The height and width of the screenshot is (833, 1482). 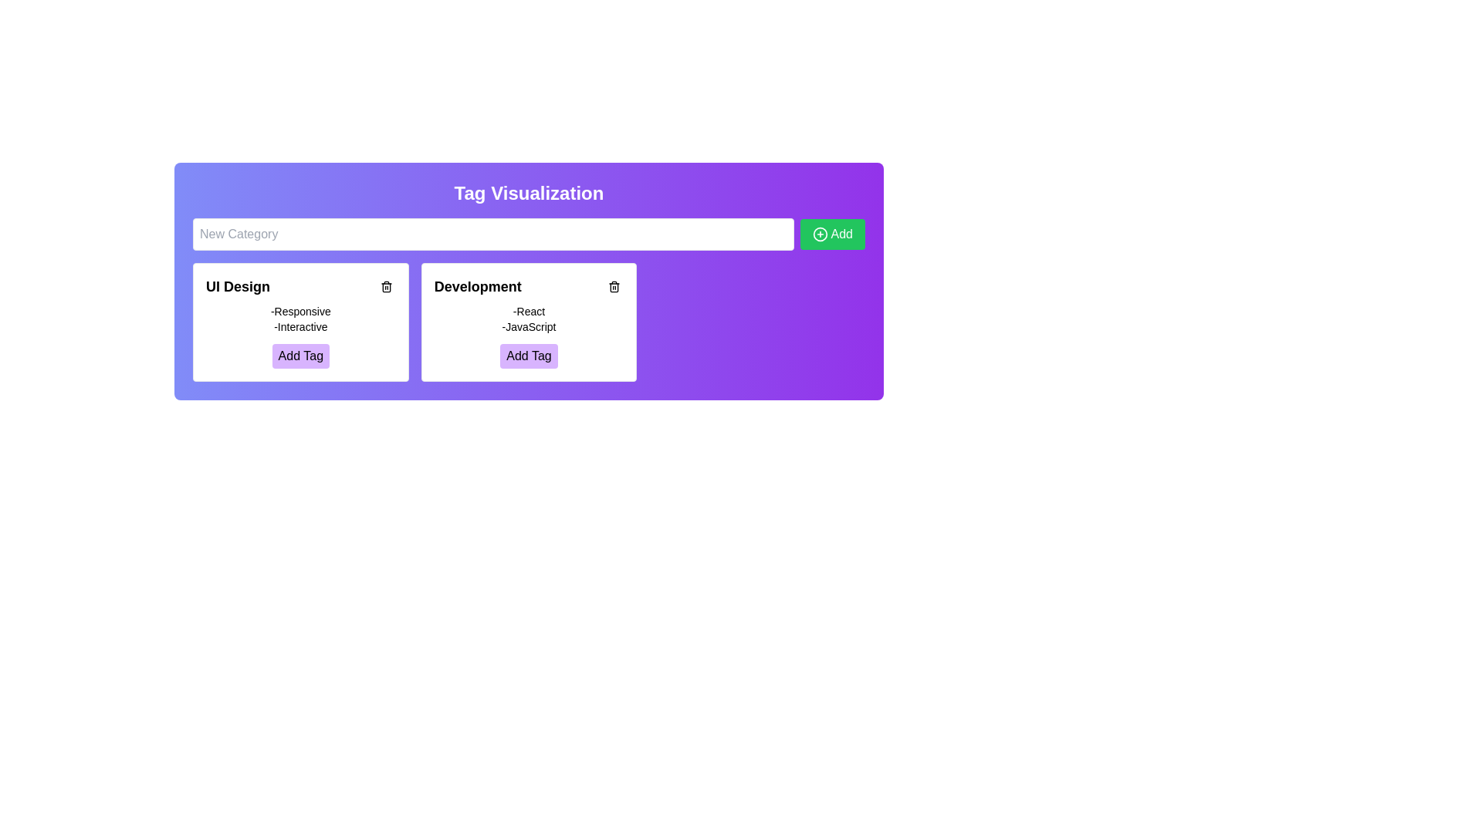 What do you see at coordinates (819, 234) in the screenshot?
I see `the 'add' icon located within the green button adjacent to the input field` at bounding box center [819, 234].